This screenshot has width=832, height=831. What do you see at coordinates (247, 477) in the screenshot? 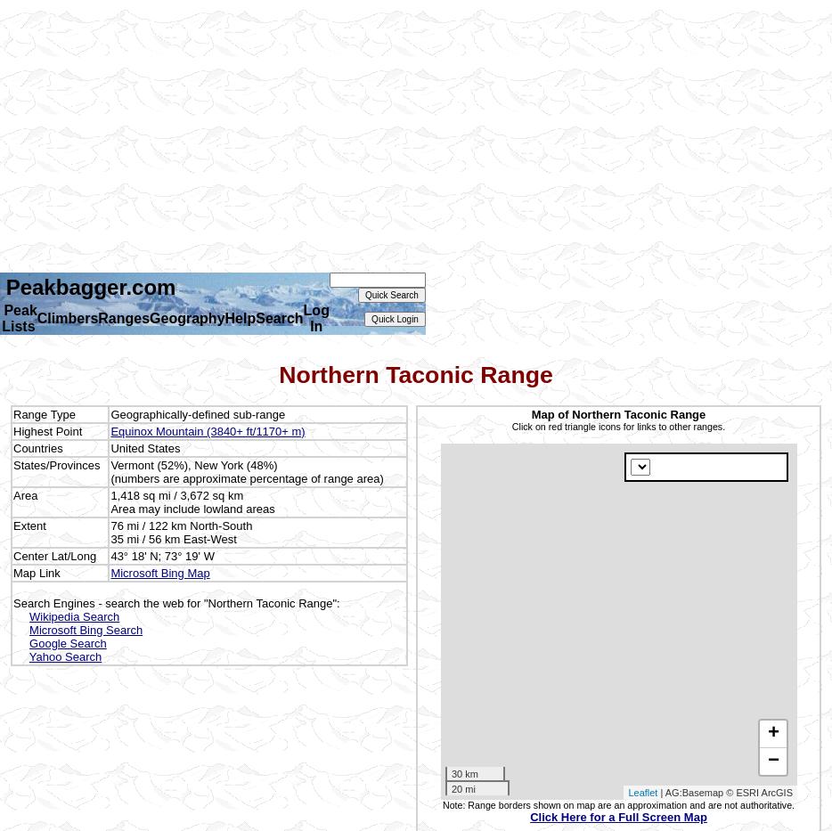
I see `'(numbers are approximate percentage of range area)'` at bounding box center [247, 477].